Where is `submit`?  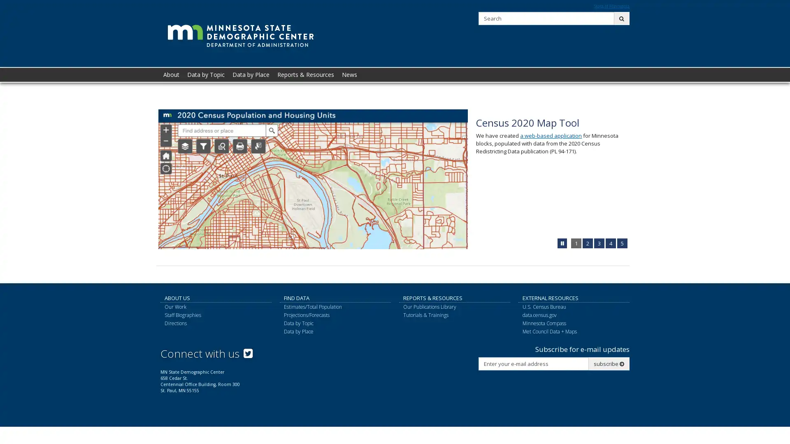
submit is located at coordinates (621, 18).